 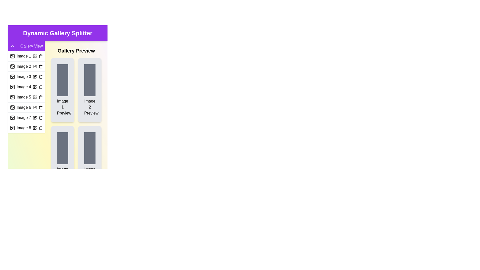 What do you see at coordinates (35, 65) in the screenshot?
I see `the edit icon next to the thumbnail for 'Image 2'` at bounding box center [35, 65].